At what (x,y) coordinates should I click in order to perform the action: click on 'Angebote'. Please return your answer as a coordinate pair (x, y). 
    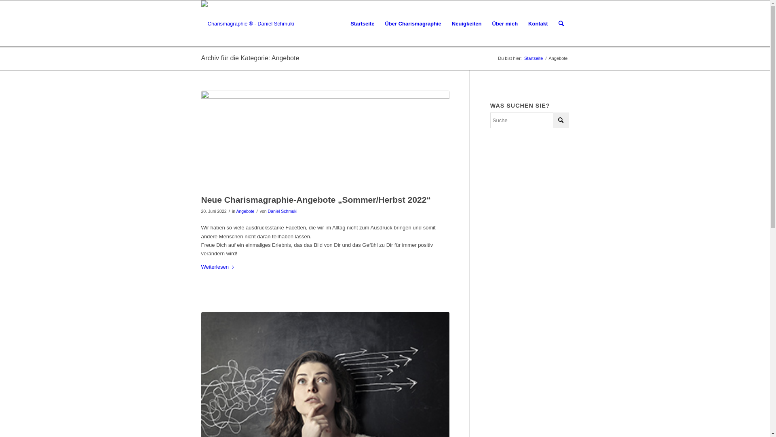
    Looking at the image, I should click on (245, 210).